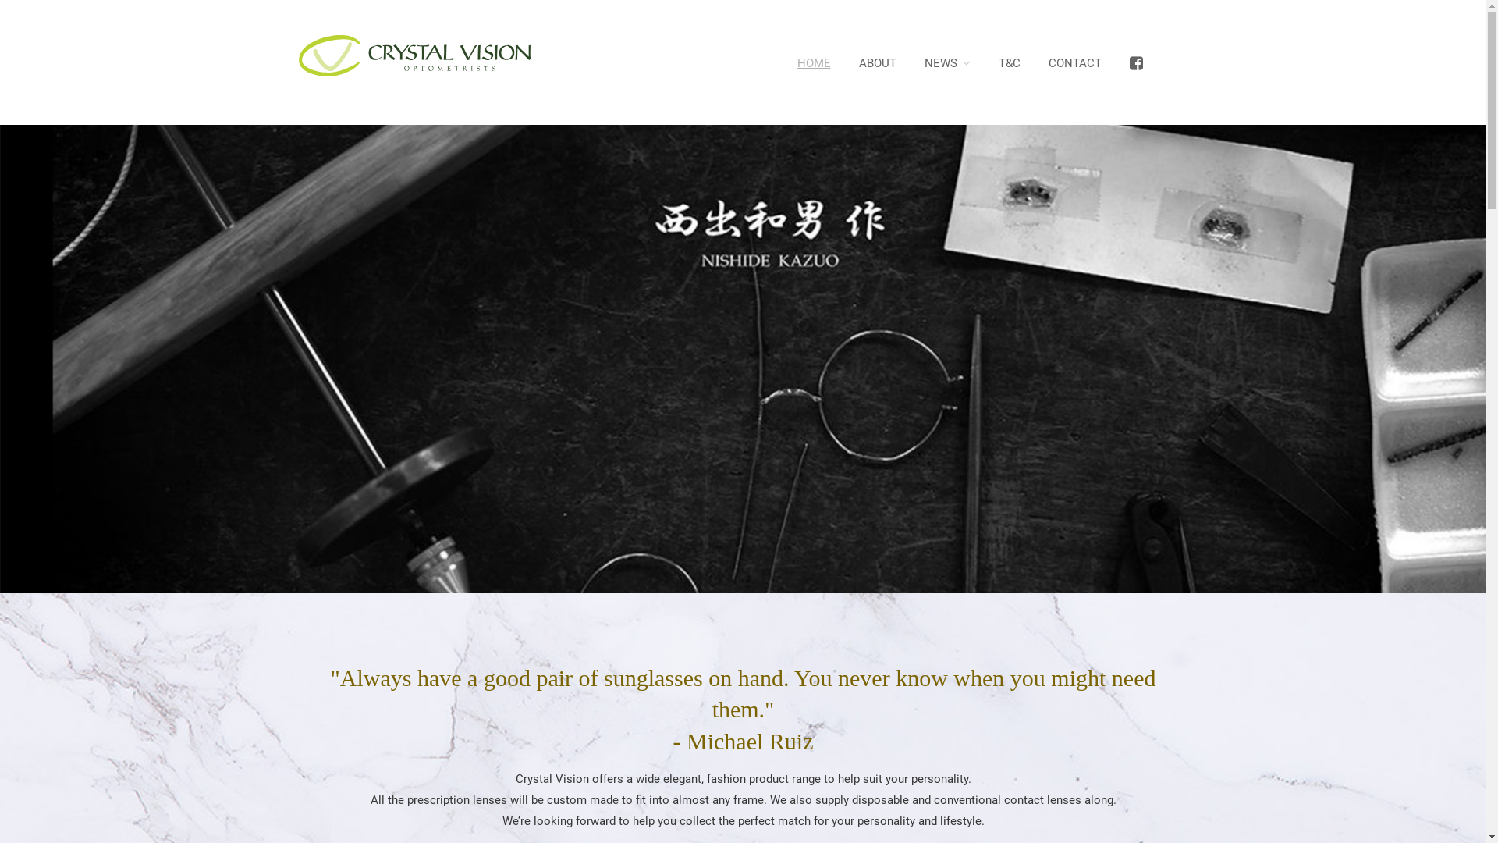  What do you see at coordinates (876, 62) in the screenshot?
I see `'ABOUT'` at bounding box center [876, 62].